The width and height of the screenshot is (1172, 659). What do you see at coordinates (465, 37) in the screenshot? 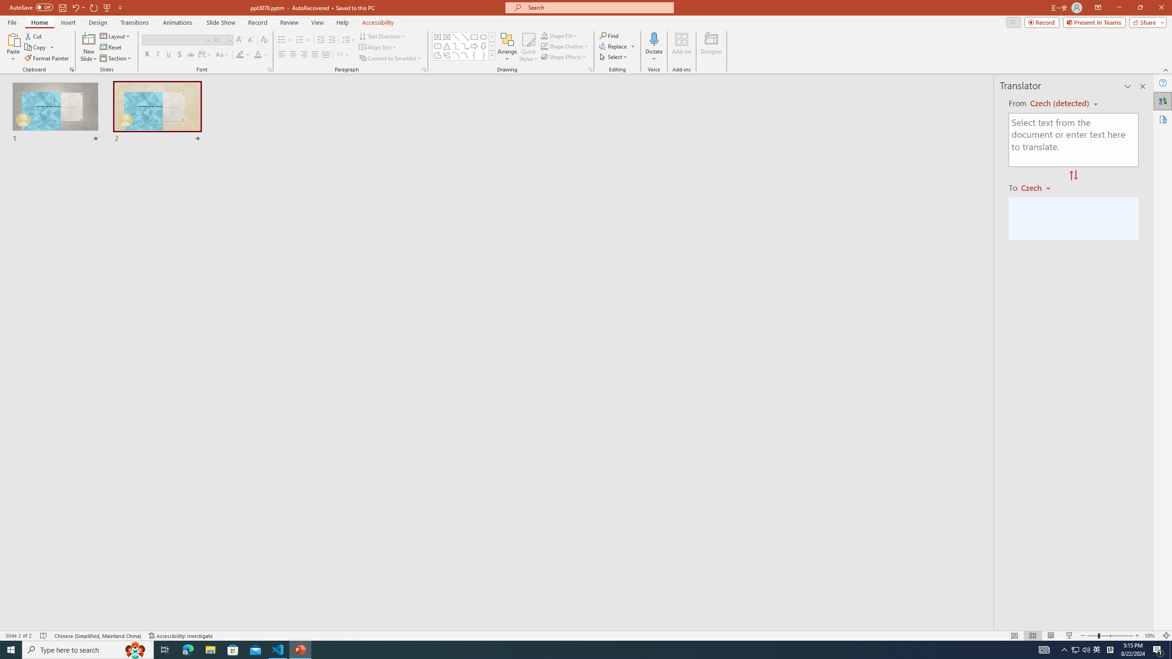
I see `'Line Arrow'` at bounding box center [465, 37].